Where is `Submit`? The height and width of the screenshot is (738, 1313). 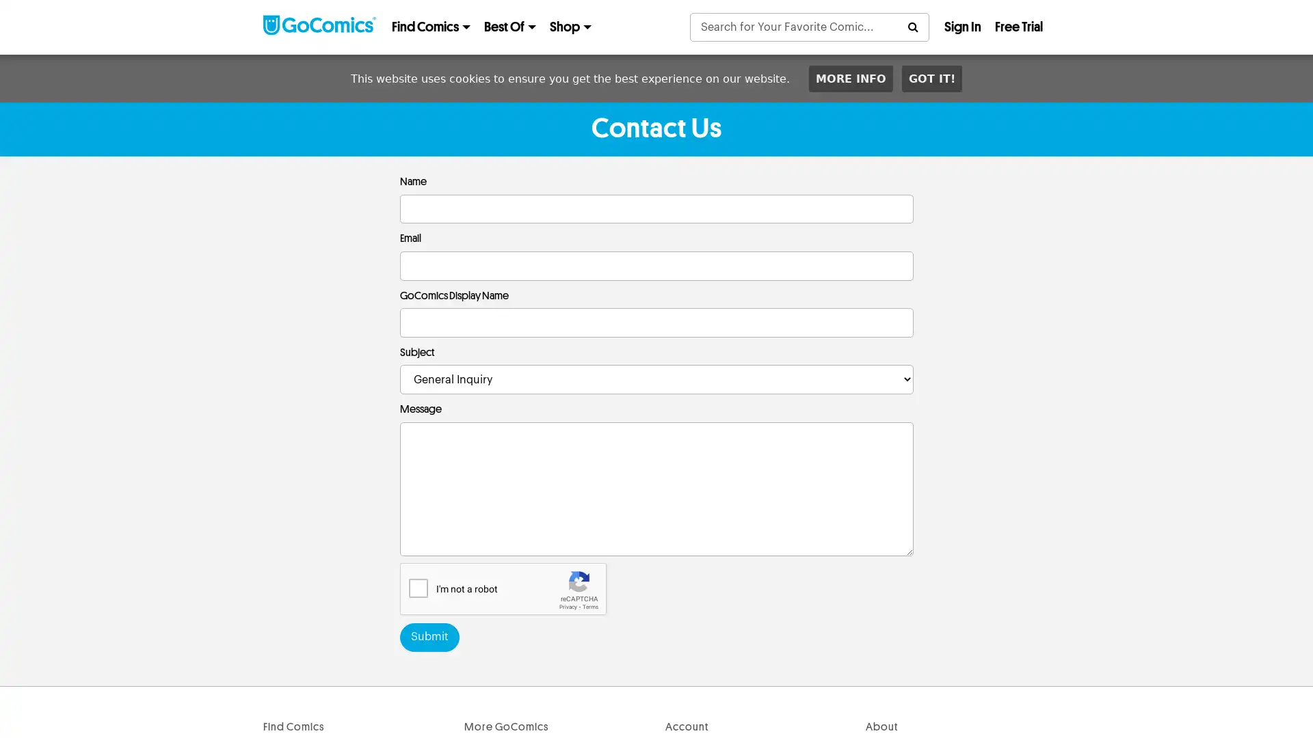 Submit is located at coordinates (428, 637).